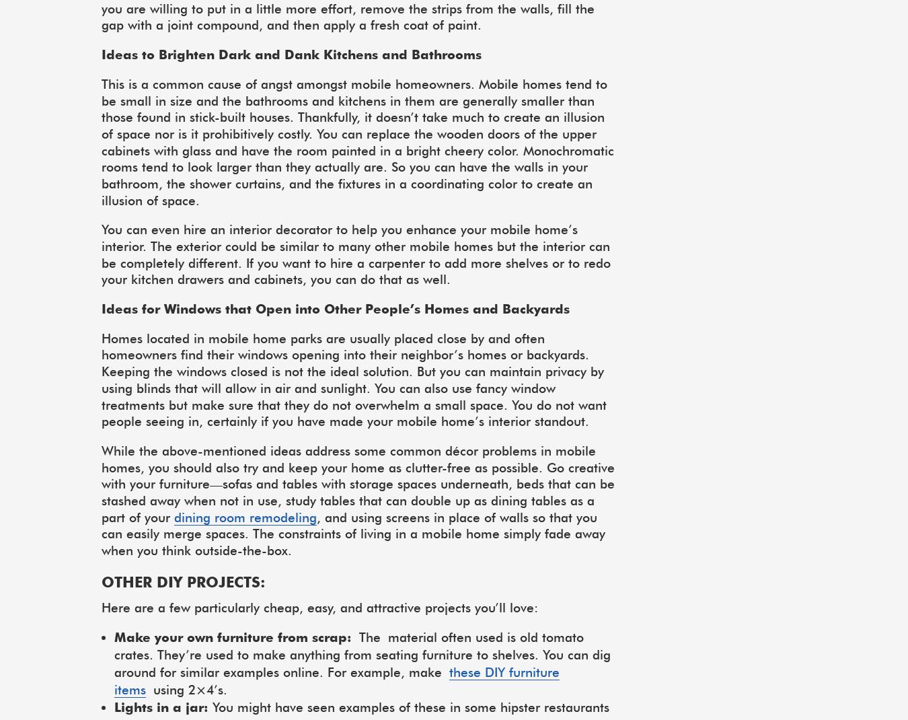 The width and height of the screenshot is (908, 720). I want to click on 'You can even hire an interior decorator to help you enhance your mobile home’s interior. The exterior could be similar to many other mobile homes but the interior can be completely different. If you want to hire a carpenter to add more shelves or to redo your kitchen drawers and cabinets, you can do that as well.', so click(102, 254).